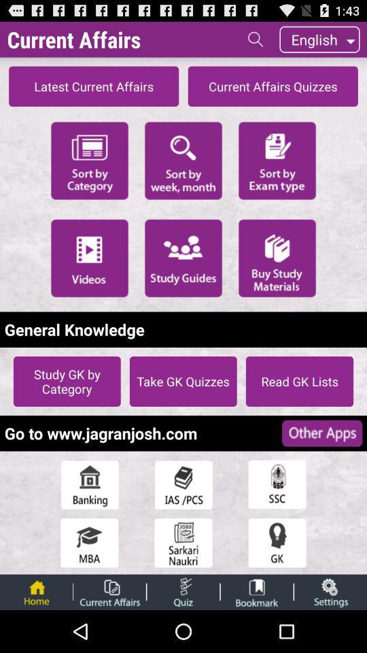  I want to click on return home, so click(36, 591).